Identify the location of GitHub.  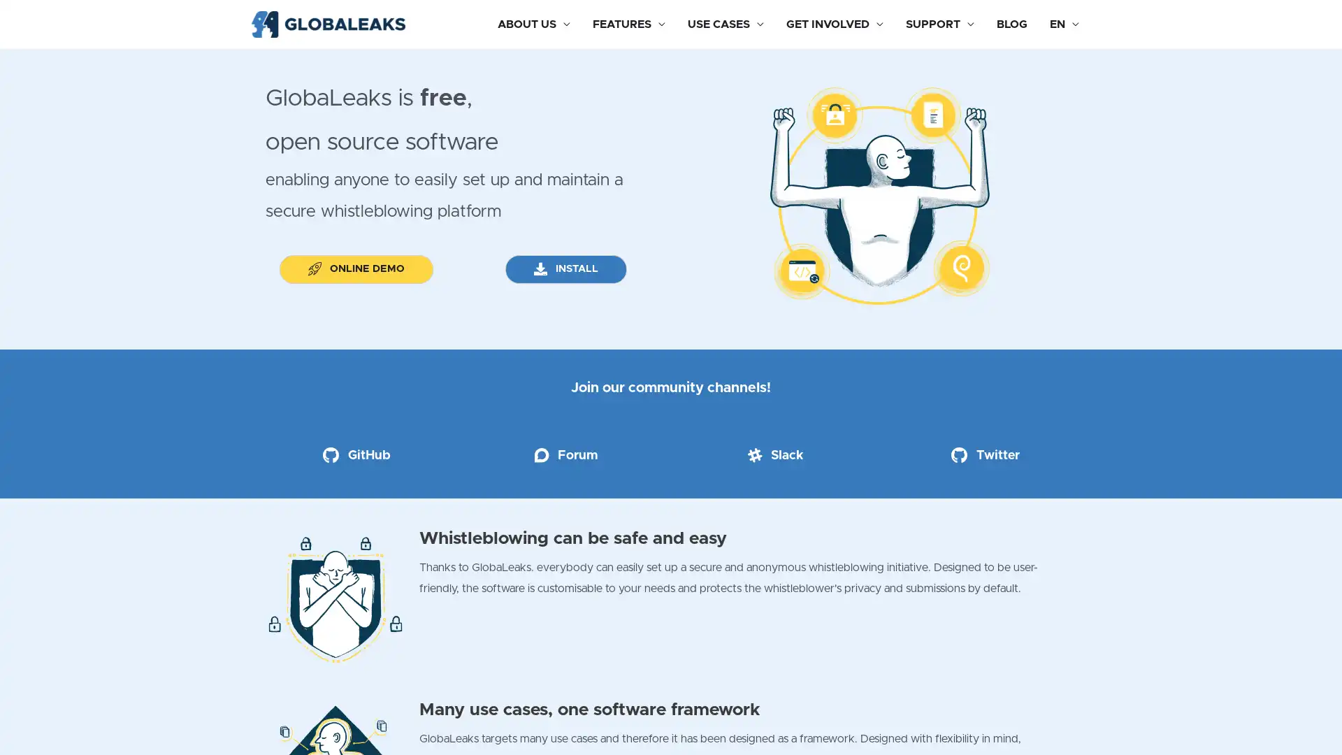
(356, 455).